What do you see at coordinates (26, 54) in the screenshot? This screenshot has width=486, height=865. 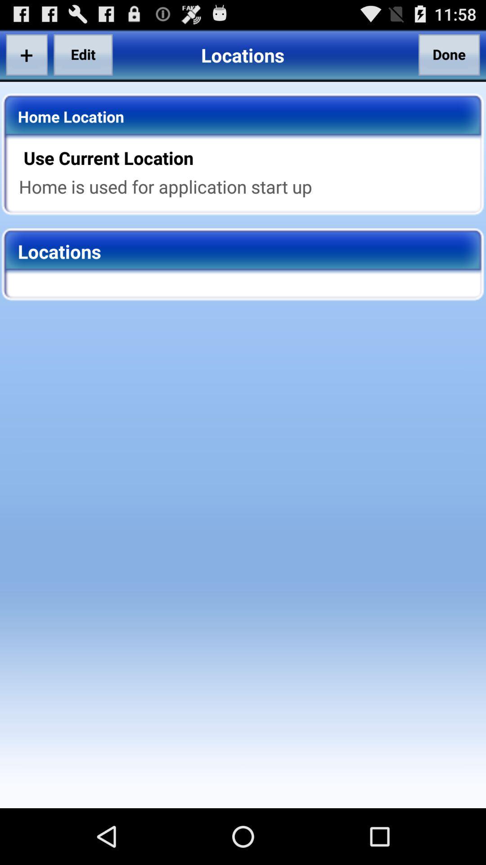 I see `item above the home location app` at bounding box center [26, 54].